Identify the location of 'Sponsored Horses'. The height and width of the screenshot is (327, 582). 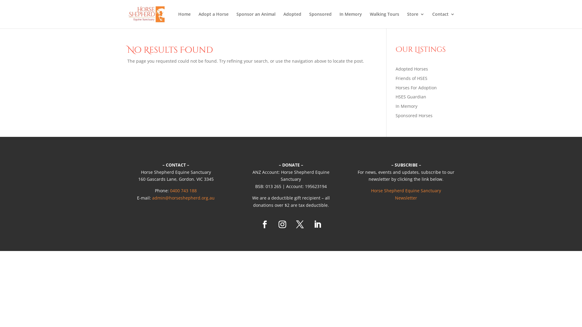
(414, 115).